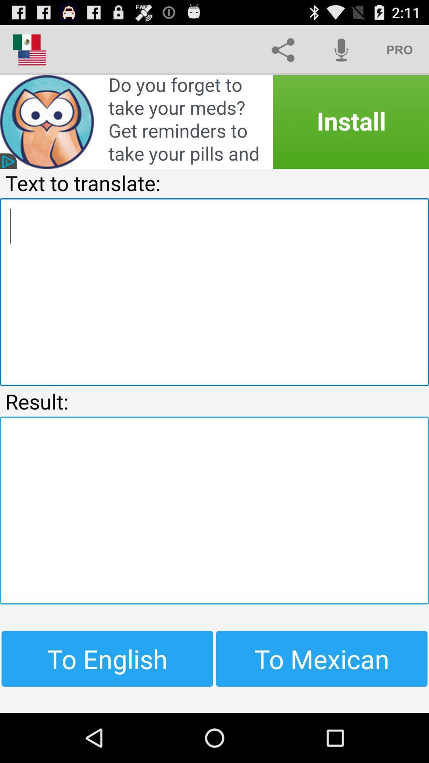  Describe the element at coordinates (214, 510) in the screenshot. I see `the icon at the bottom` at that location.